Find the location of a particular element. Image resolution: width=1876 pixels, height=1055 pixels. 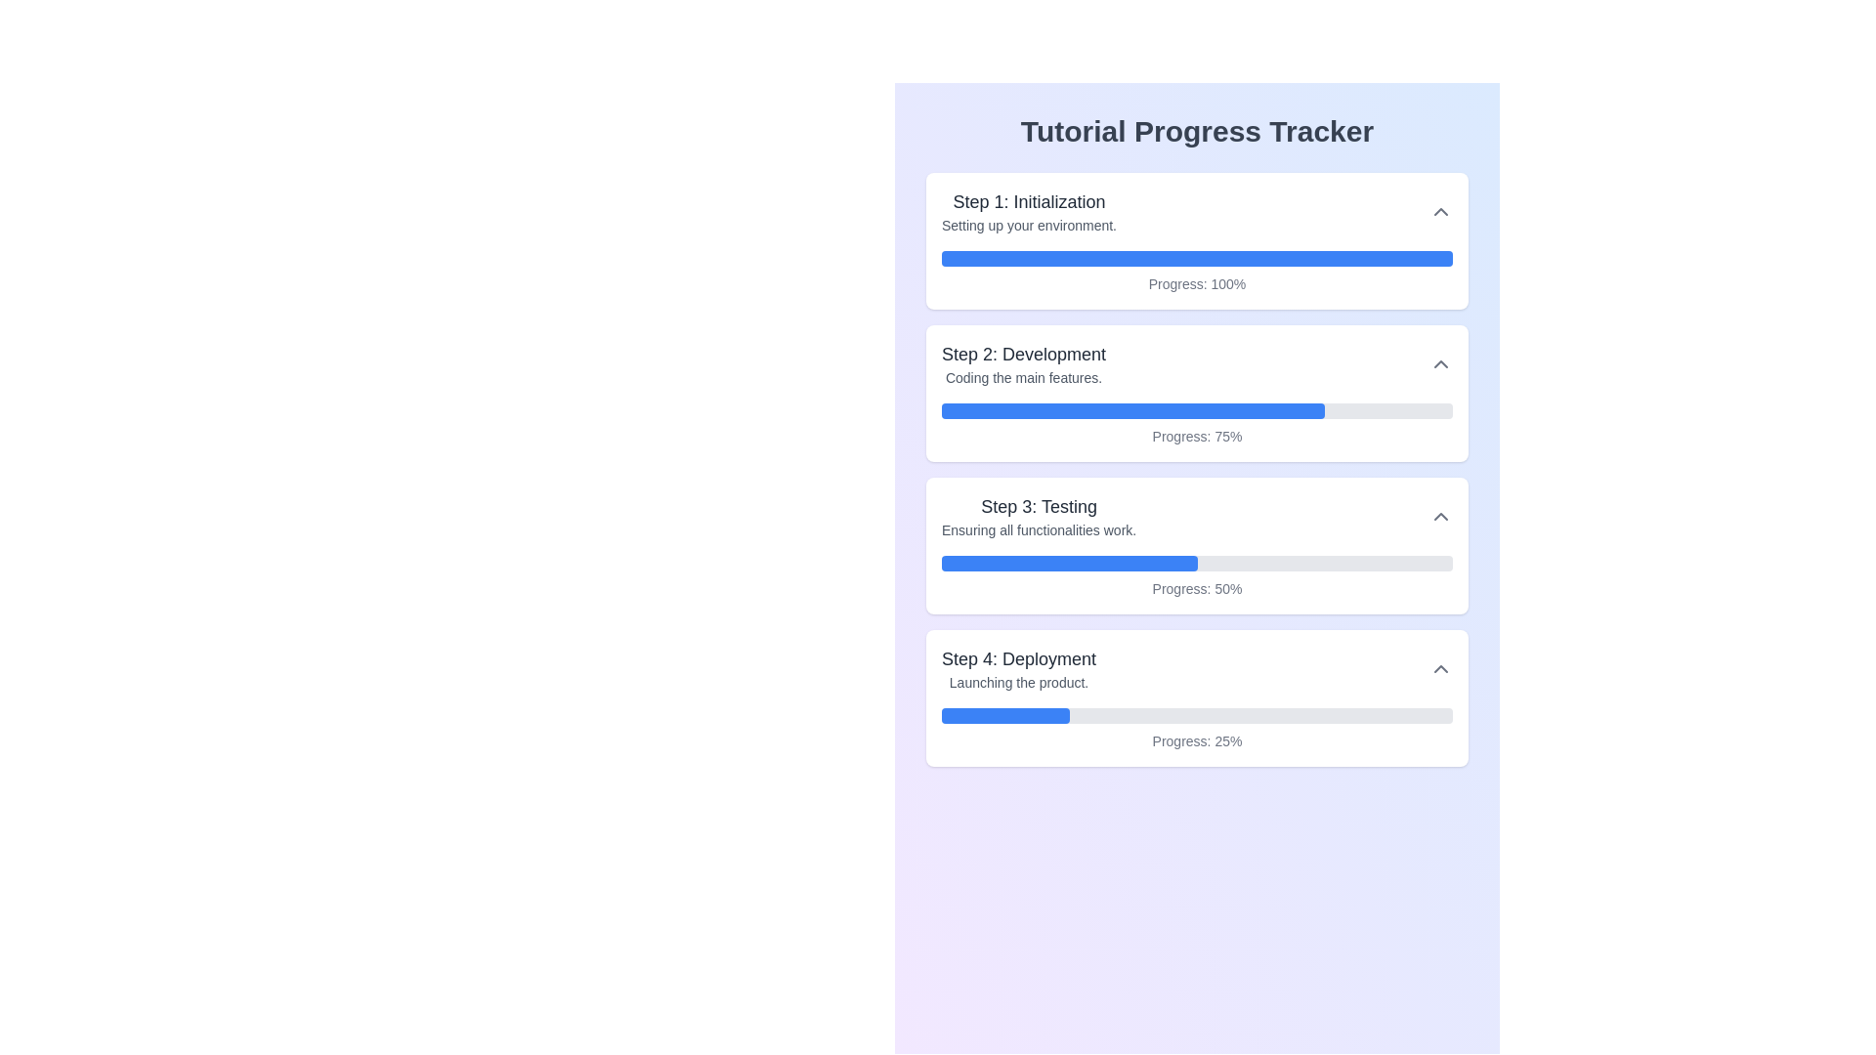

the 'Step 2' text label in the progress tracker to indicate the current step of the workflow is located at coordinates (1023, 354).